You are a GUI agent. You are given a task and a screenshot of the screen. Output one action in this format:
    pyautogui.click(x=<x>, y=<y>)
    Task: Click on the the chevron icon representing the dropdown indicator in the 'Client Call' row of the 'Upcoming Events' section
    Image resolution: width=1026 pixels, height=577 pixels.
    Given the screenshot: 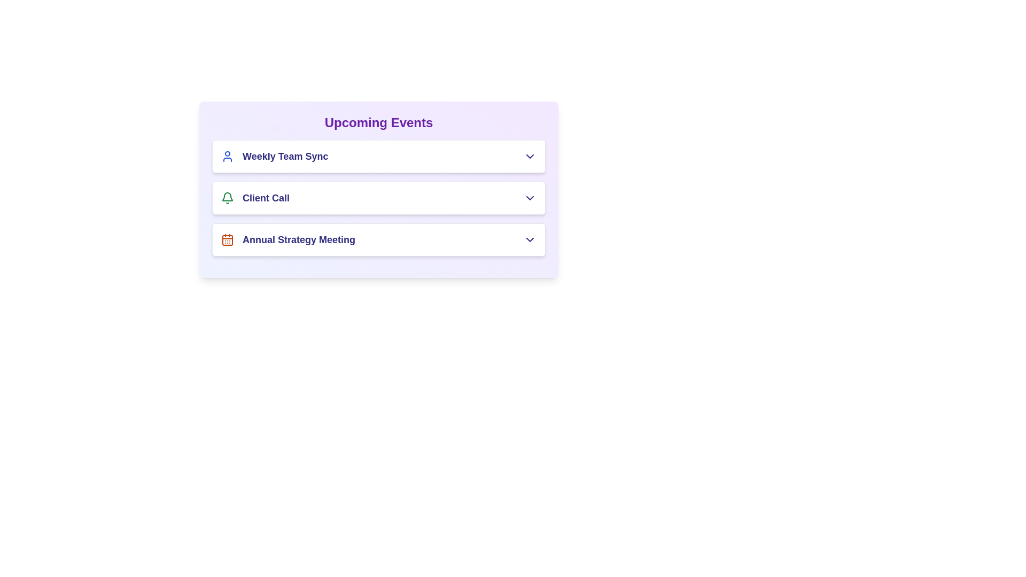 What is the action you would take?
    pyautogui.click(x=530, y=198)
    